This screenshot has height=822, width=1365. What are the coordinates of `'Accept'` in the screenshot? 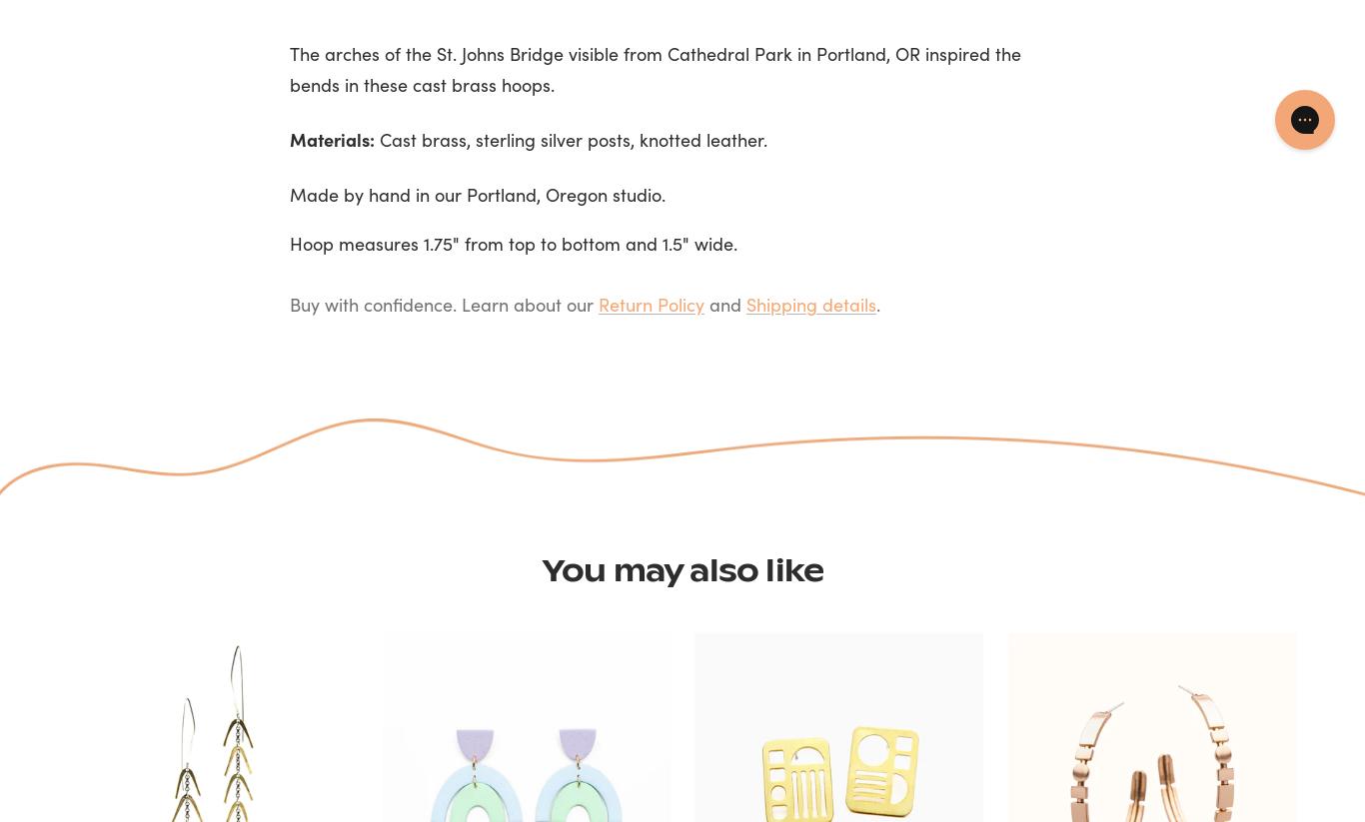 It's located at (1000, 83).